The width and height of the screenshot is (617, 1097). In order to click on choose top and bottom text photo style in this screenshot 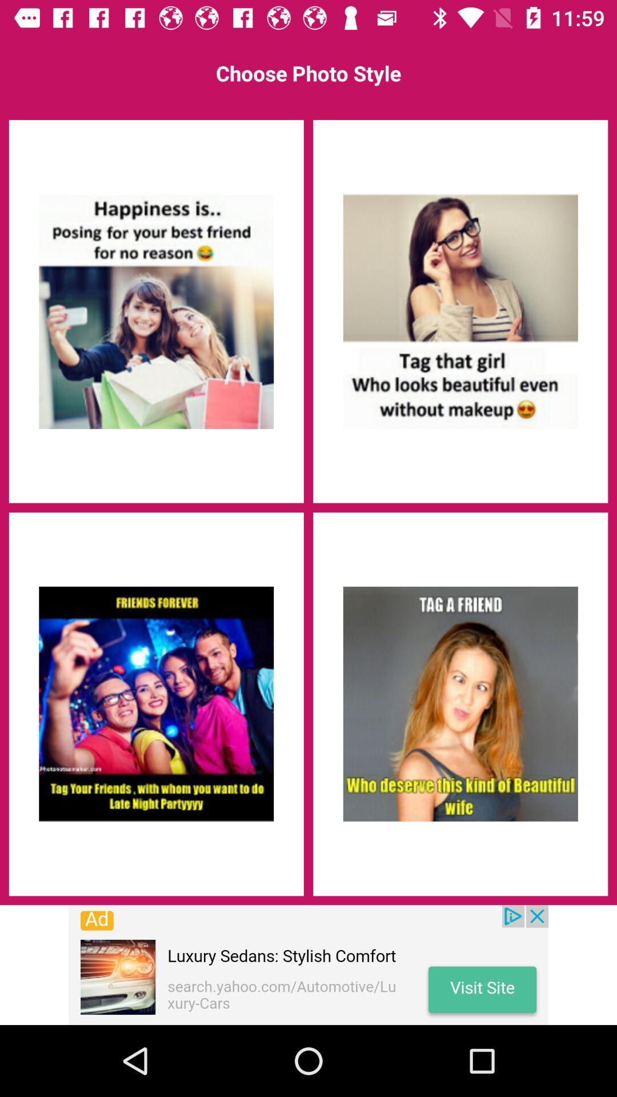, I will do `click(460, 703)`.